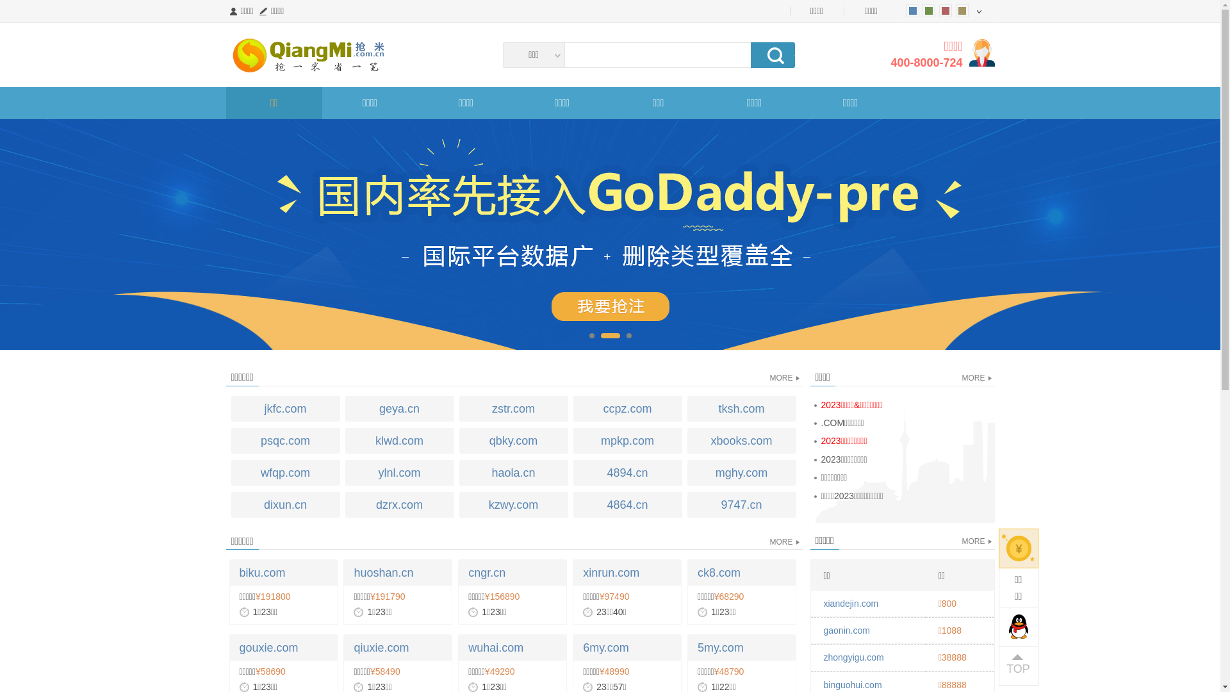 The image size is (1230, 692). Describe the element at coordinates (231, 472) in the screenshot. I see `'wfqp.com'` at that location.